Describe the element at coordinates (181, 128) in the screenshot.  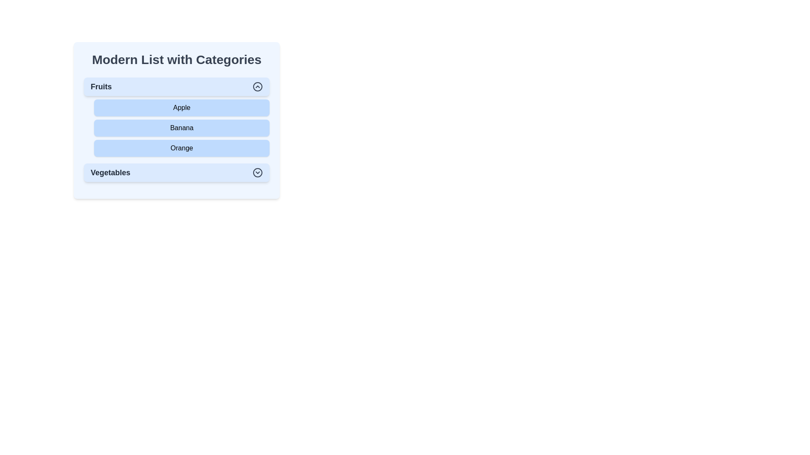
I see `the item Banana from the list` at that location.